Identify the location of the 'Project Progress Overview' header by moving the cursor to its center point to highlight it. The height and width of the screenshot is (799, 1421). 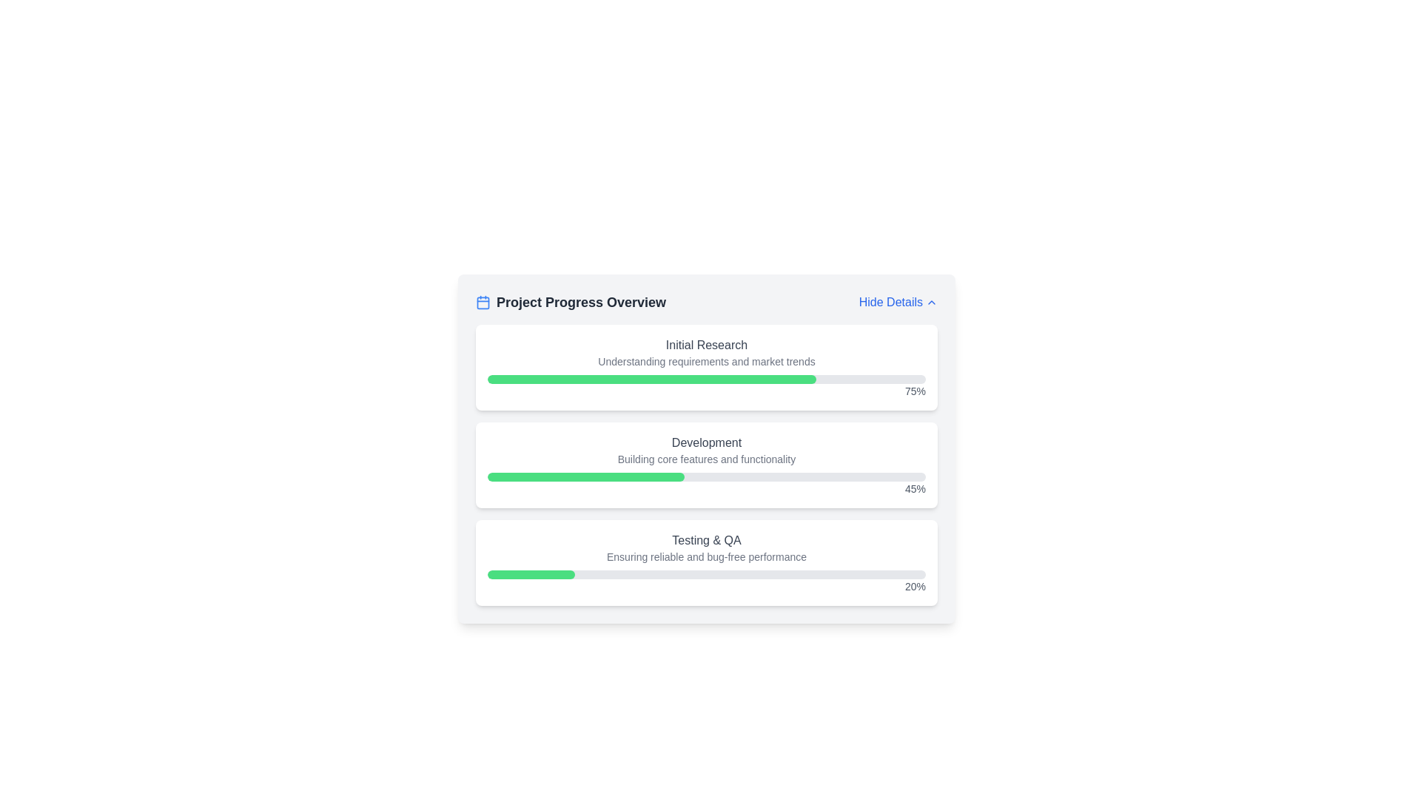
(706, 301).